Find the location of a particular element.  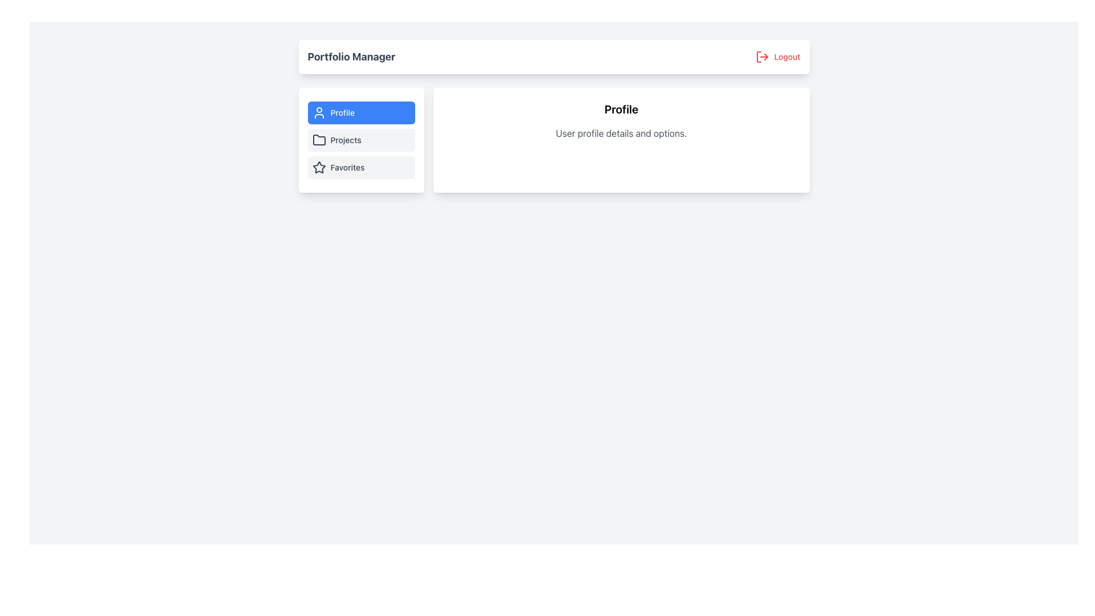

the 'Favorites' icon, which is located to the left of the text label 'Favorites' within a list of menu options is located at coordinates (319, 167).